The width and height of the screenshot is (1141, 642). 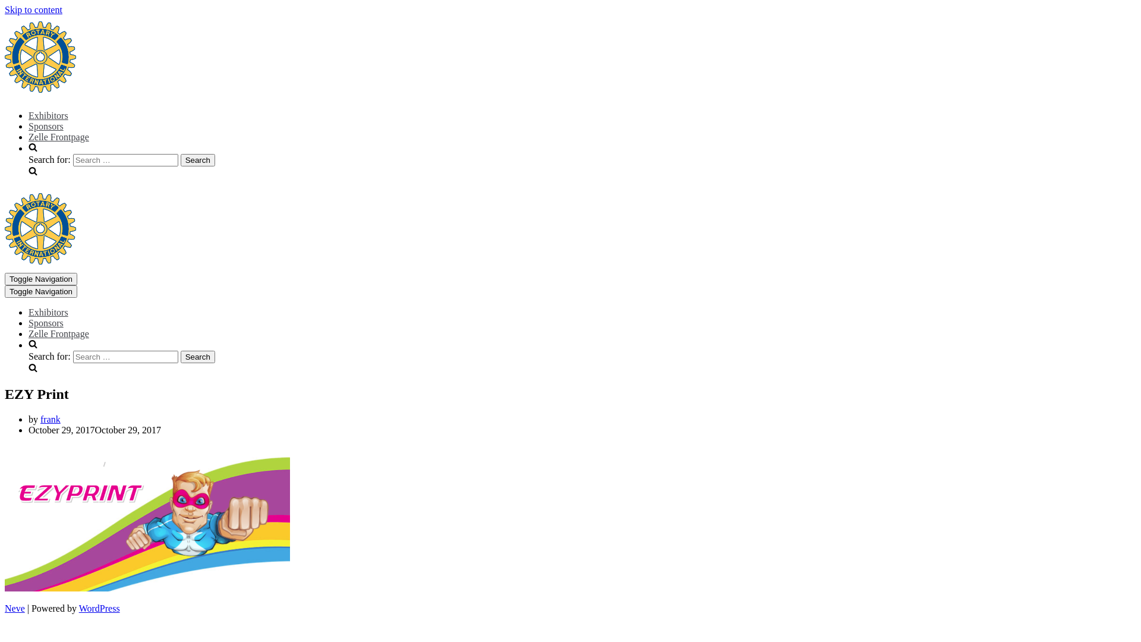 I want to click on 'Neve', so click(x=14, y=608).